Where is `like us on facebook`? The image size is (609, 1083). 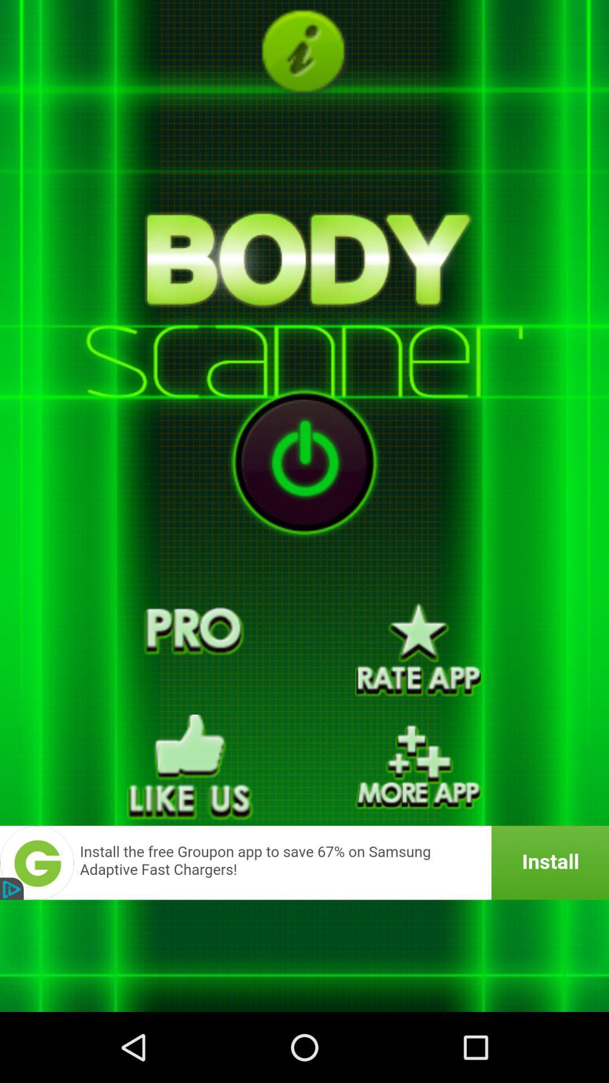
like us on facebook is located at coordinates (189, 767).